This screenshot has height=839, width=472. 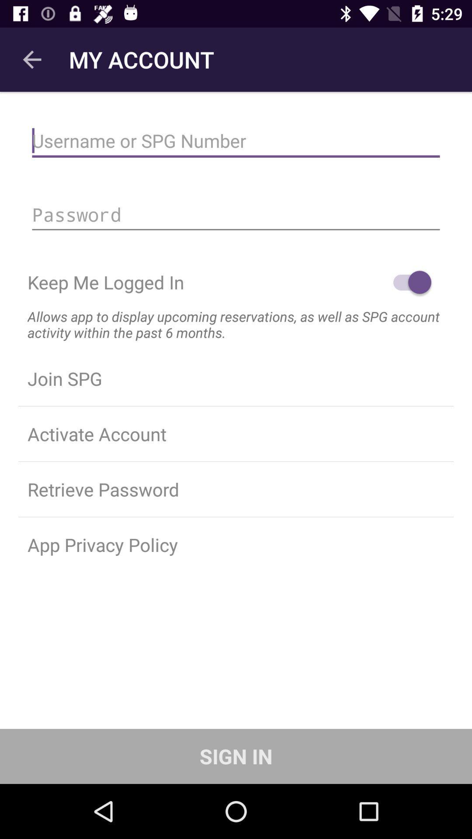 What do you see at coordinates (31, 59) in the screenshot?
I see `the app to the left of the my account` at bounding box center [31, 59].